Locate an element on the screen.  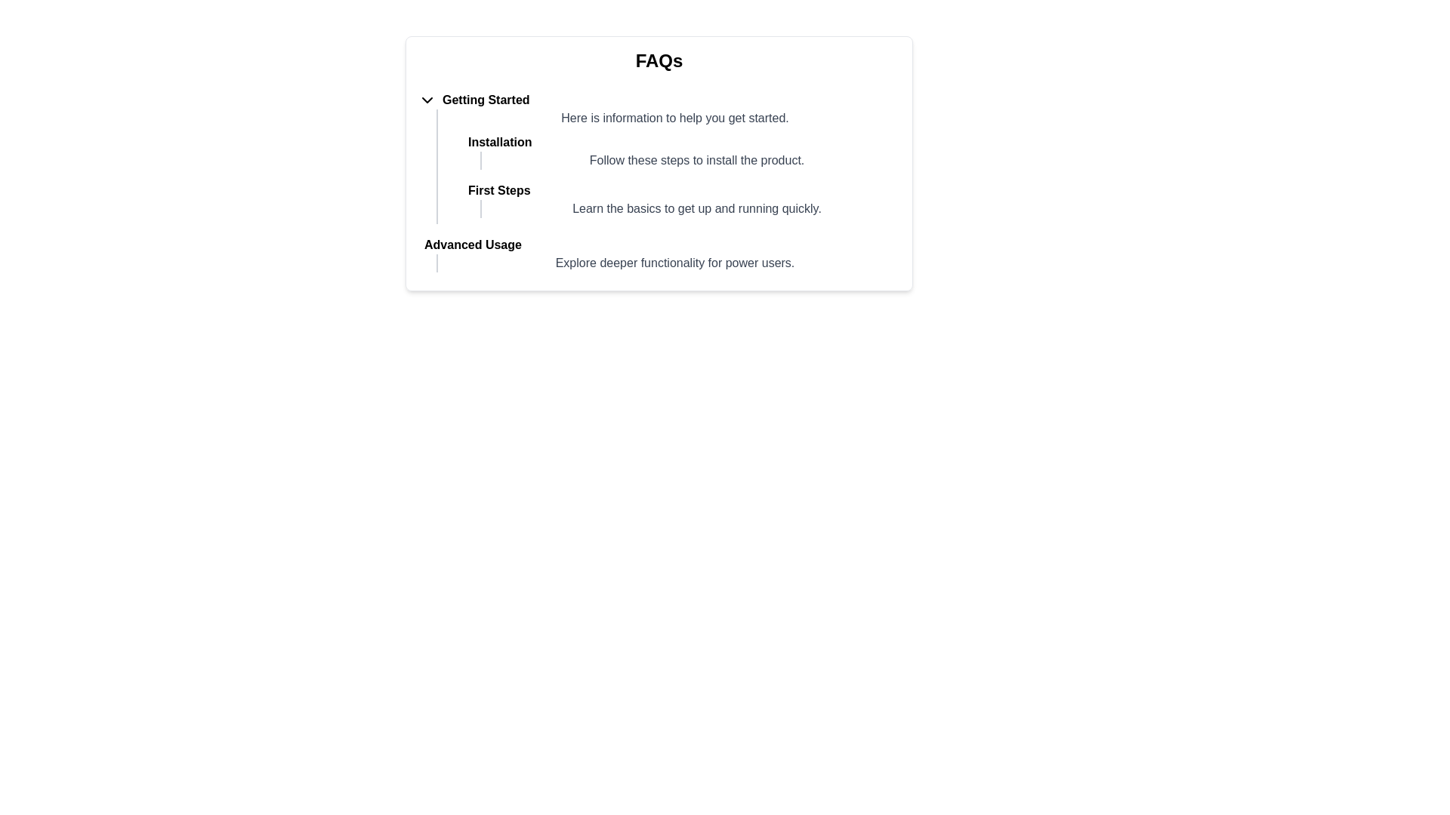
text content 'Explore deeper functionality for power users.' located under the 'Advanced Usage' section in a FAQ-like interface is located at coordinates (674, 262).